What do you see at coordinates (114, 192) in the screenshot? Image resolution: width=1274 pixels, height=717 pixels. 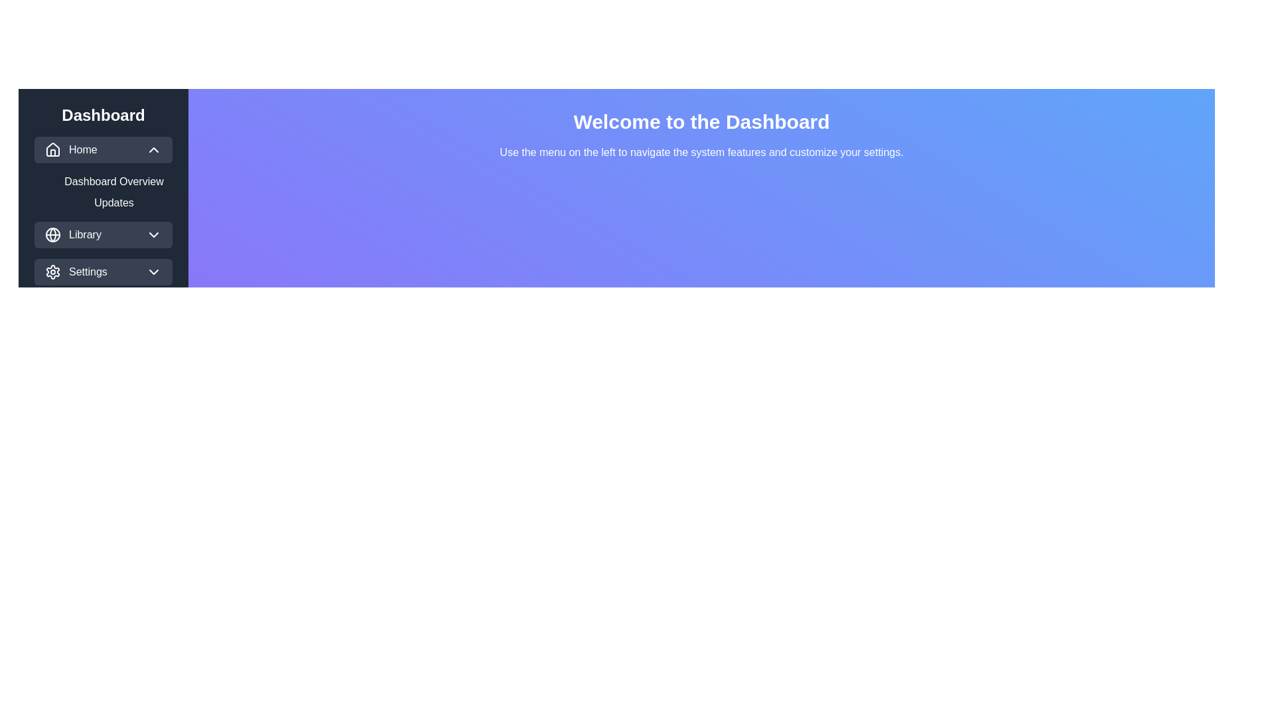 I see `the submenu group of clickable text links in the sidebar navigation, which includes 'Dashboard Overview' and 'Updates'` at bounding box center [114, 192].